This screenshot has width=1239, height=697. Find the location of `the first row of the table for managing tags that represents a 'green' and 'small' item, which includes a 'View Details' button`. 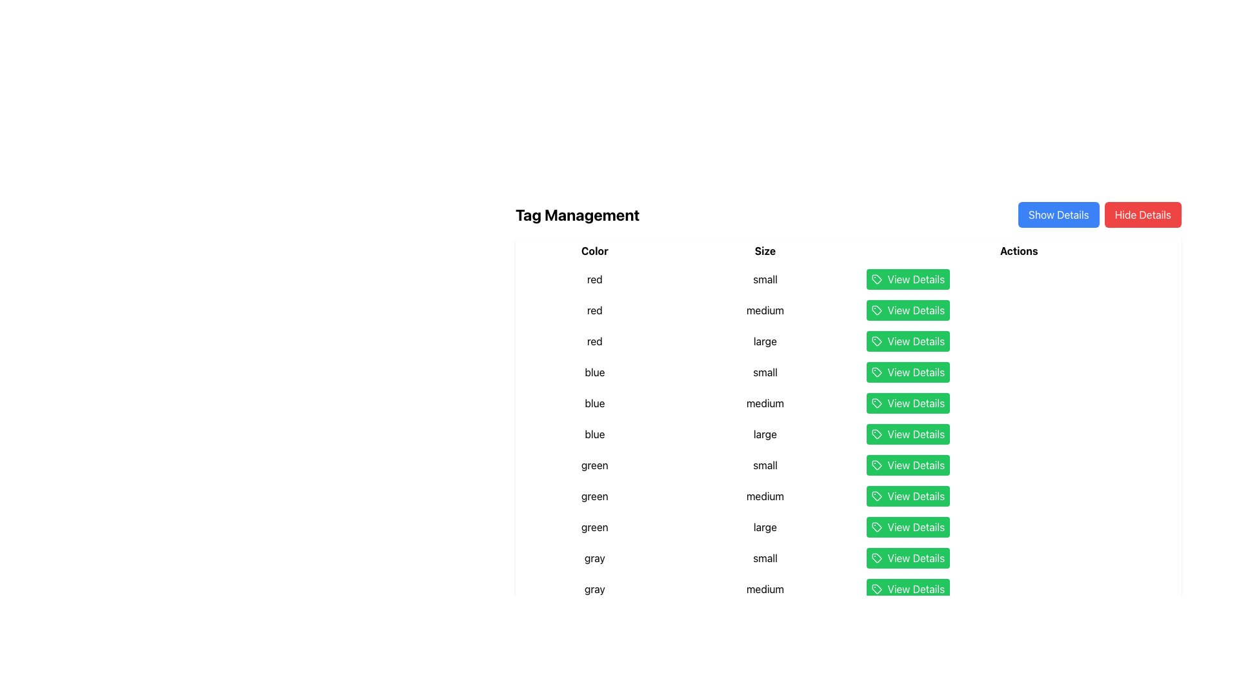

the first row of the table for managing tags that represents a 'green' and 'small' item, which includes a 'View Details' button is located at coordinates (849, 465).